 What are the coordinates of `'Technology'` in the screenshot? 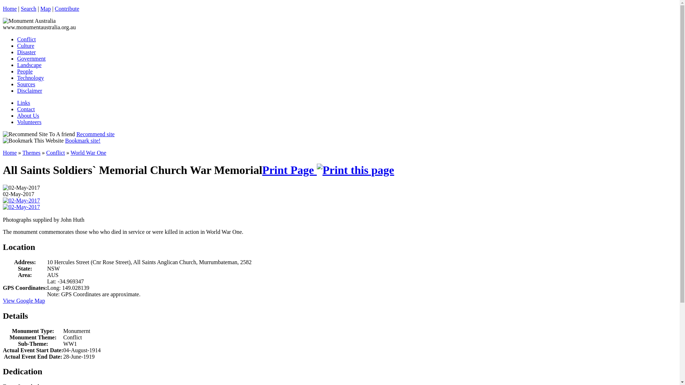 It's located at (30, 78).